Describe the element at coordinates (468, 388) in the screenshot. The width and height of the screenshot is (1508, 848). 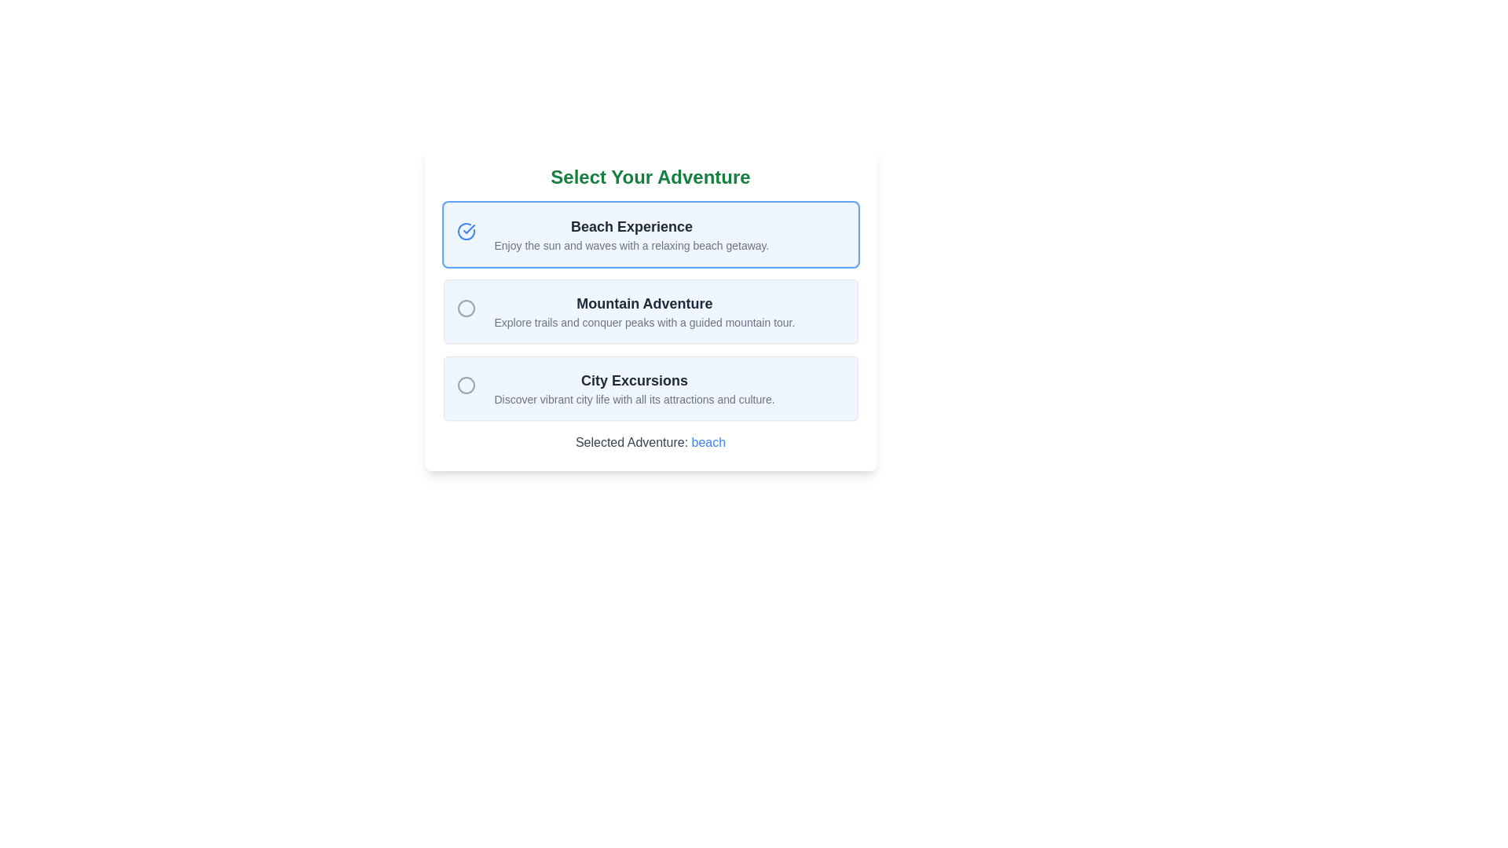
I see `the circular icon with a gray outline located near the top left corner of the 'City Excursions' section` at that location.